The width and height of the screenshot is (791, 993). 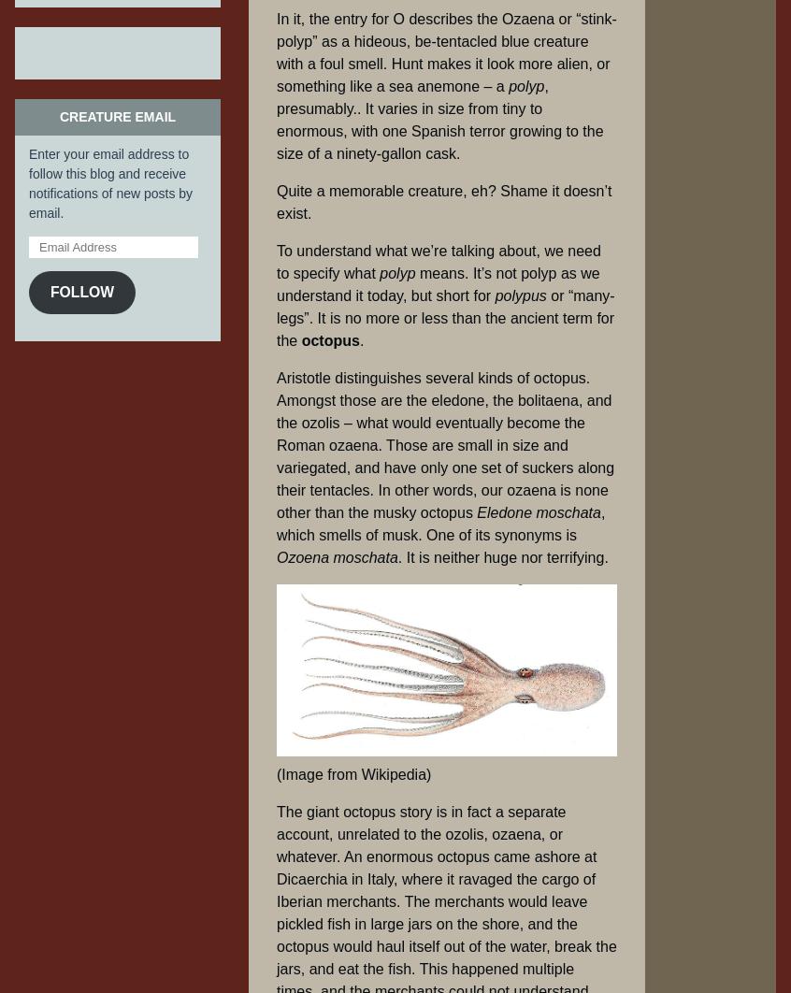 I want to click on 'Enter your email address to follow this blog and receive notifications of new posts by email.', so click(x=110, y=182).